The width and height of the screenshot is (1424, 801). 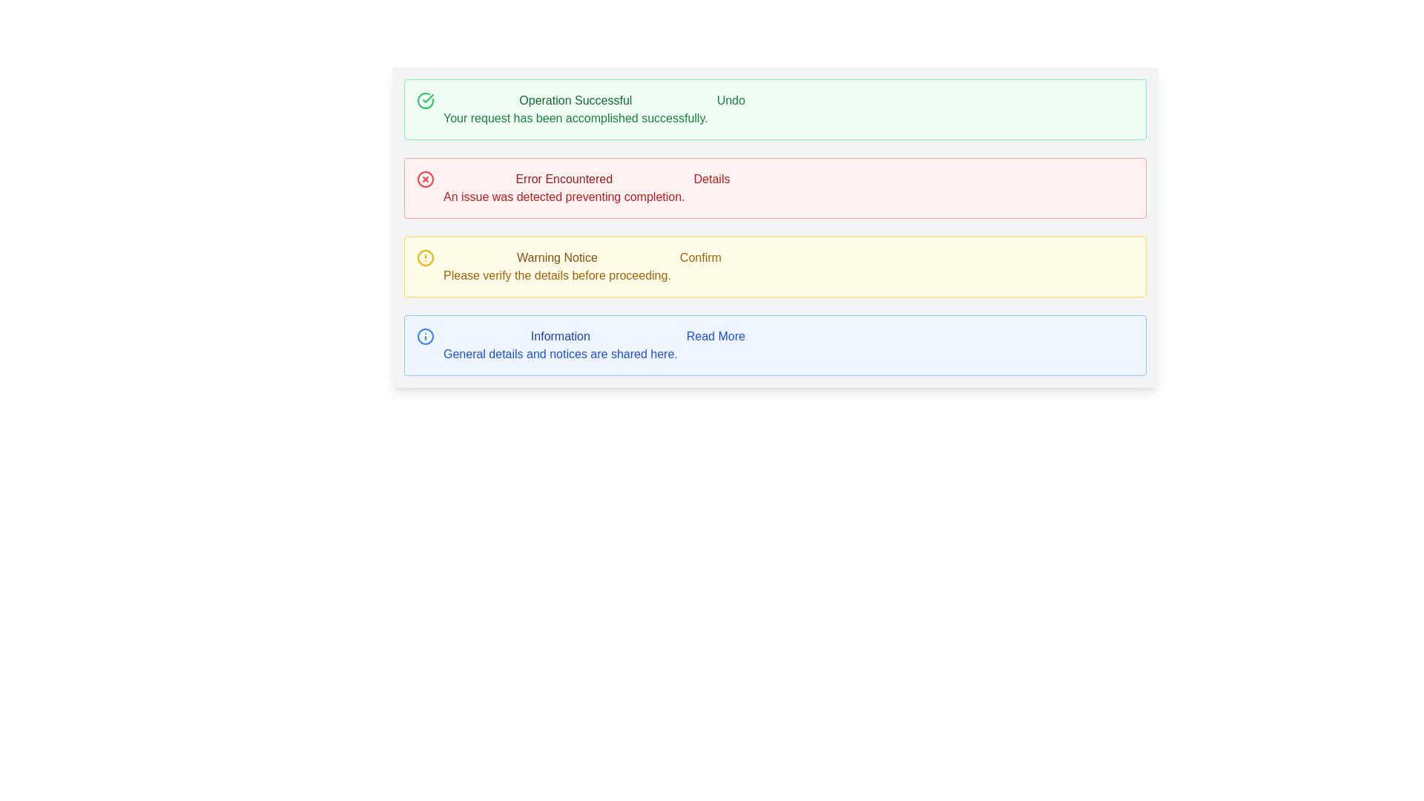 What do you see at coordinates (556, 257) in the screenshot?
I see `the 'Warning Notice' text label displayed in a medium-sized font with a yellow-brown color, located at the top of the yellow notification card` at bounding box center [556, 257].